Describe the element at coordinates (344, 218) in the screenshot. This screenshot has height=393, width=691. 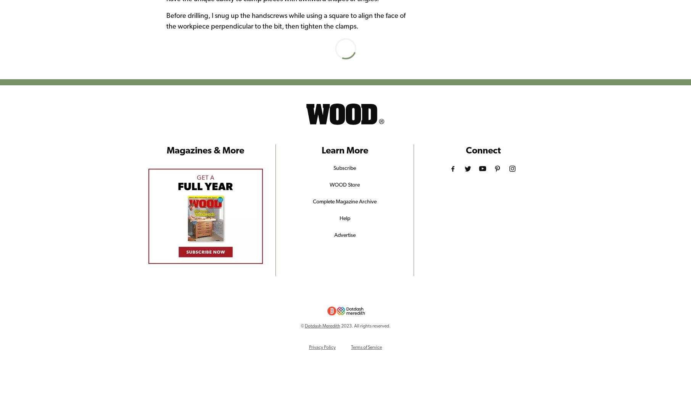
I see `'Help'` at that location.